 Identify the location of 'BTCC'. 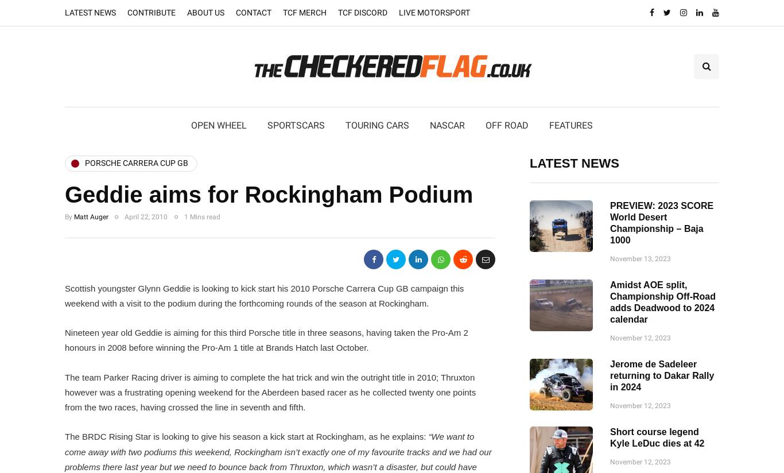
(357, 161).